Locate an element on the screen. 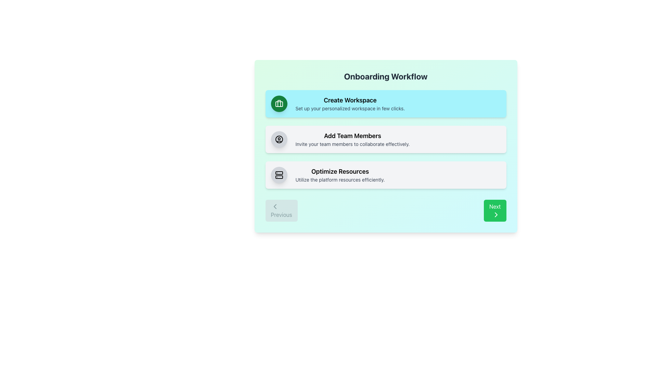 This screenshot has height=370, width=657. the textual information component titled 'Optimize Resources' to read its content is located at coordinates (340, 174).